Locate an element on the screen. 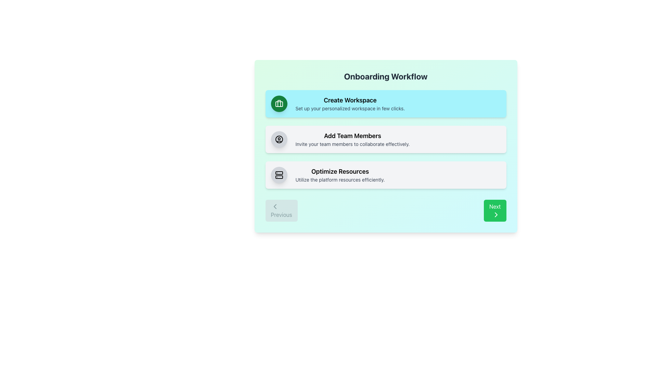 This screenshot has height=370, width=657. the textual information component titled 'Optimize Resources' to read its content is located at coordinates (340, 174).